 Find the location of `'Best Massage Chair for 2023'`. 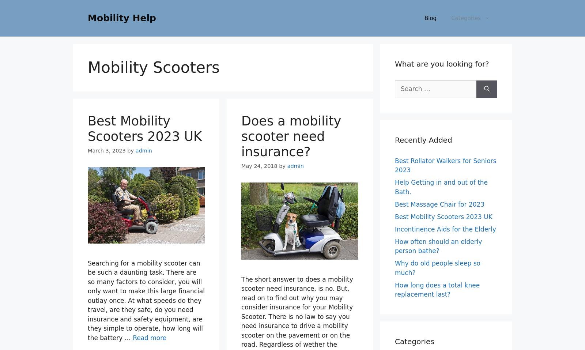

'Best Massage Chair for 2023' is located at coordinates (439, 204).